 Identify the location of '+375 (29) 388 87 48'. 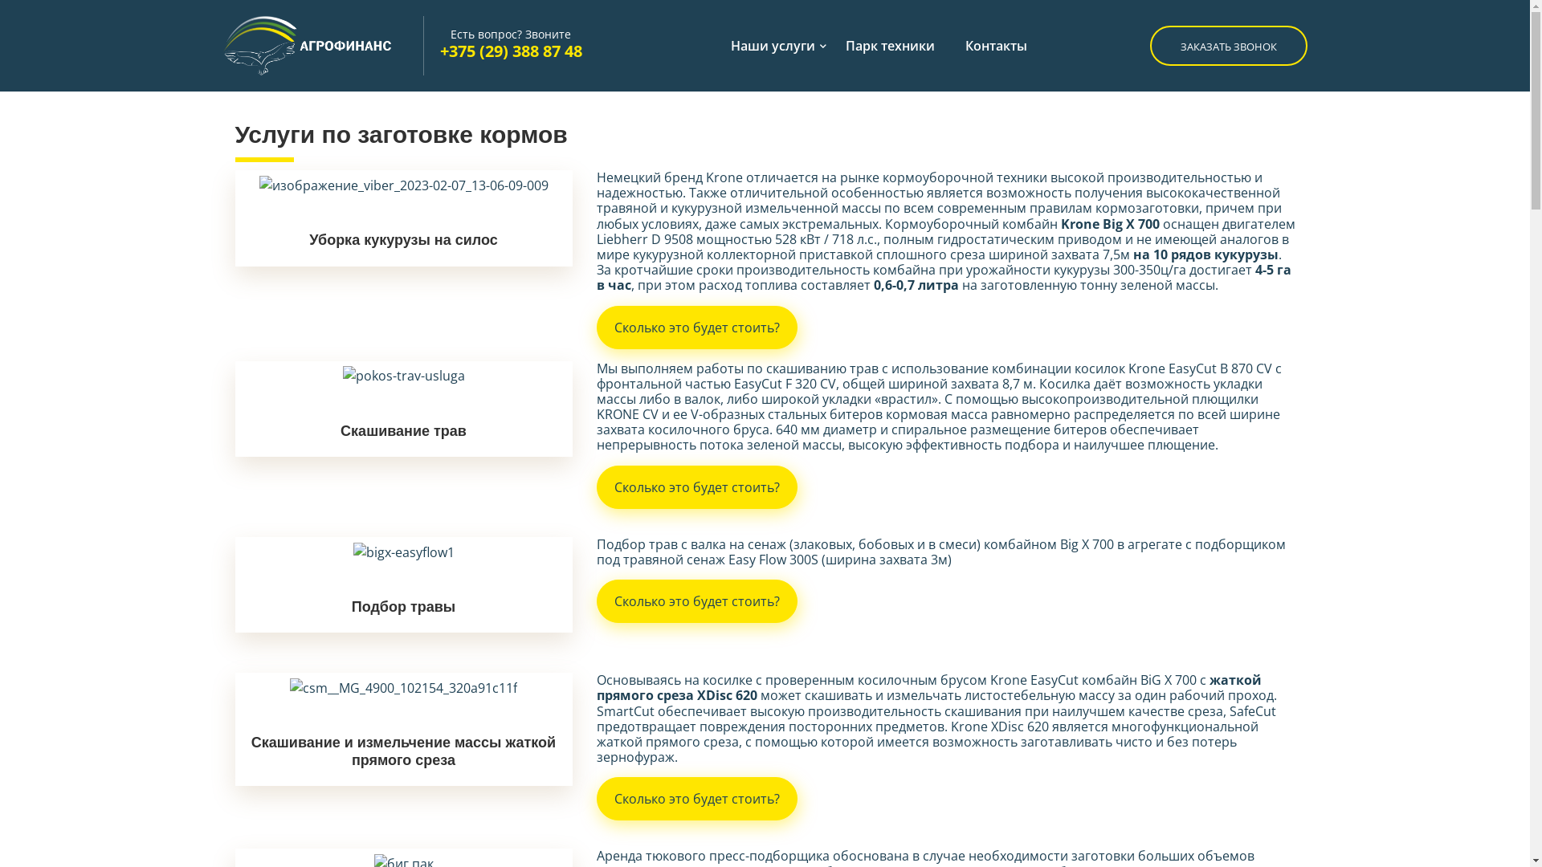
(510, 50).